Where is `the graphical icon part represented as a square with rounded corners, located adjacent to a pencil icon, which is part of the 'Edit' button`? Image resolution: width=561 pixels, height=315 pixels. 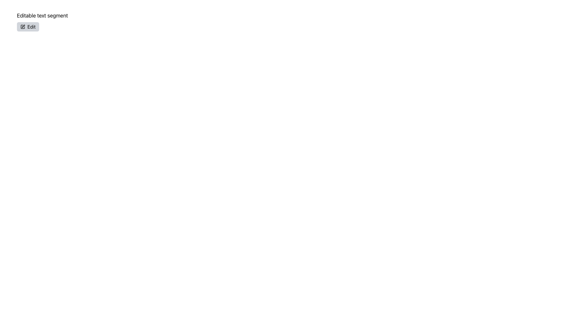 the graphical icon part represented as a square with rounded corners, located adjacent to a pencil icon, which is part of the 'Edit' button is located at coordinates (22, 27).